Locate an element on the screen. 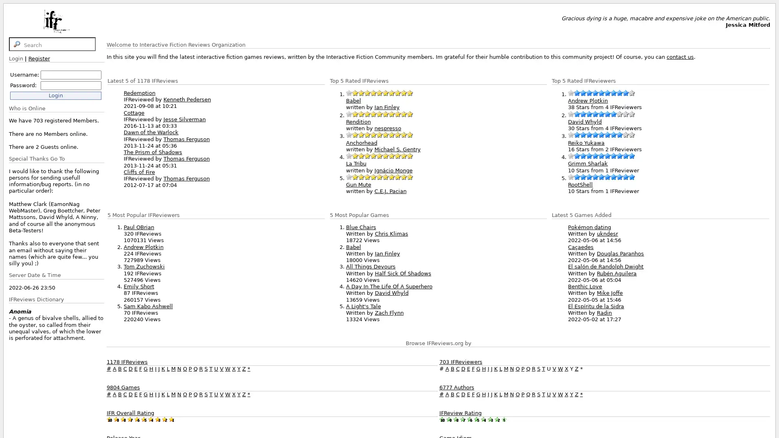  Login is located at coordinates (55, 95).